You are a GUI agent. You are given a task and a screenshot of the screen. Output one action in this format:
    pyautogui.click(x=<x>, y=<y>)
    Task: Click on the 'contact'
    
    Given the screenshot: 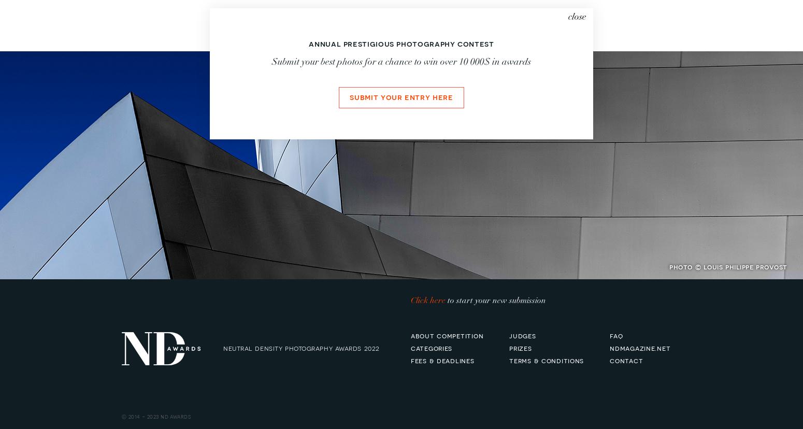 What is the action you would take?
    pyautogui.click(x=626, y=360)
    